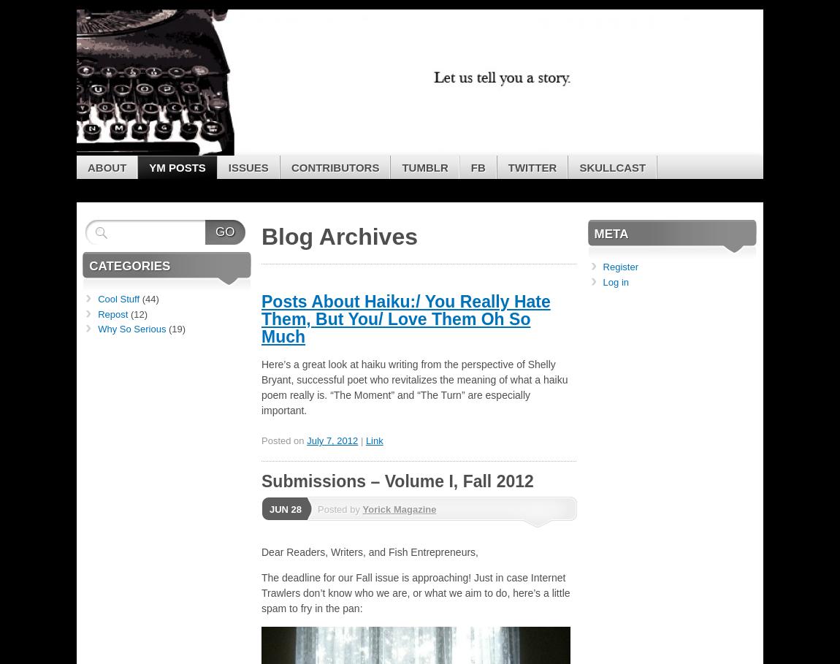 This screenshot has height=664, width=840. I want to click on '|', so click(362, 440).